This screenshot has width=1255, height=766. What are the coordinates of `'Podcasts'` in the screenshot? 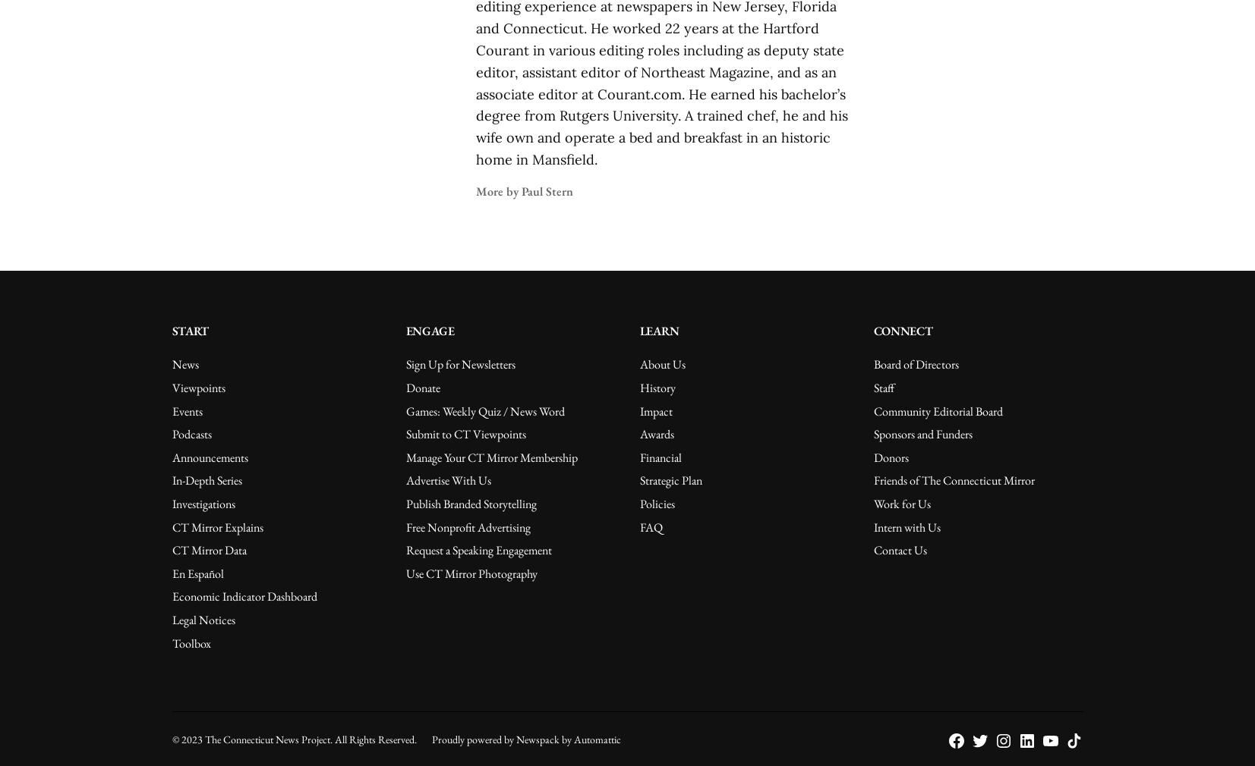 It's located at (191, 433).